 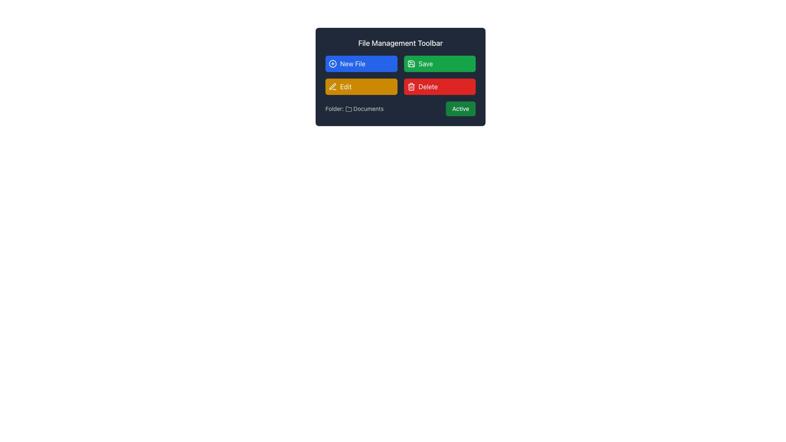 I want to click on the delete icon located within the 'Delete' button, which is the fourth button in a horizontal toolbar above the folder display, to initiate the delete action, so click(x=411, y=87).